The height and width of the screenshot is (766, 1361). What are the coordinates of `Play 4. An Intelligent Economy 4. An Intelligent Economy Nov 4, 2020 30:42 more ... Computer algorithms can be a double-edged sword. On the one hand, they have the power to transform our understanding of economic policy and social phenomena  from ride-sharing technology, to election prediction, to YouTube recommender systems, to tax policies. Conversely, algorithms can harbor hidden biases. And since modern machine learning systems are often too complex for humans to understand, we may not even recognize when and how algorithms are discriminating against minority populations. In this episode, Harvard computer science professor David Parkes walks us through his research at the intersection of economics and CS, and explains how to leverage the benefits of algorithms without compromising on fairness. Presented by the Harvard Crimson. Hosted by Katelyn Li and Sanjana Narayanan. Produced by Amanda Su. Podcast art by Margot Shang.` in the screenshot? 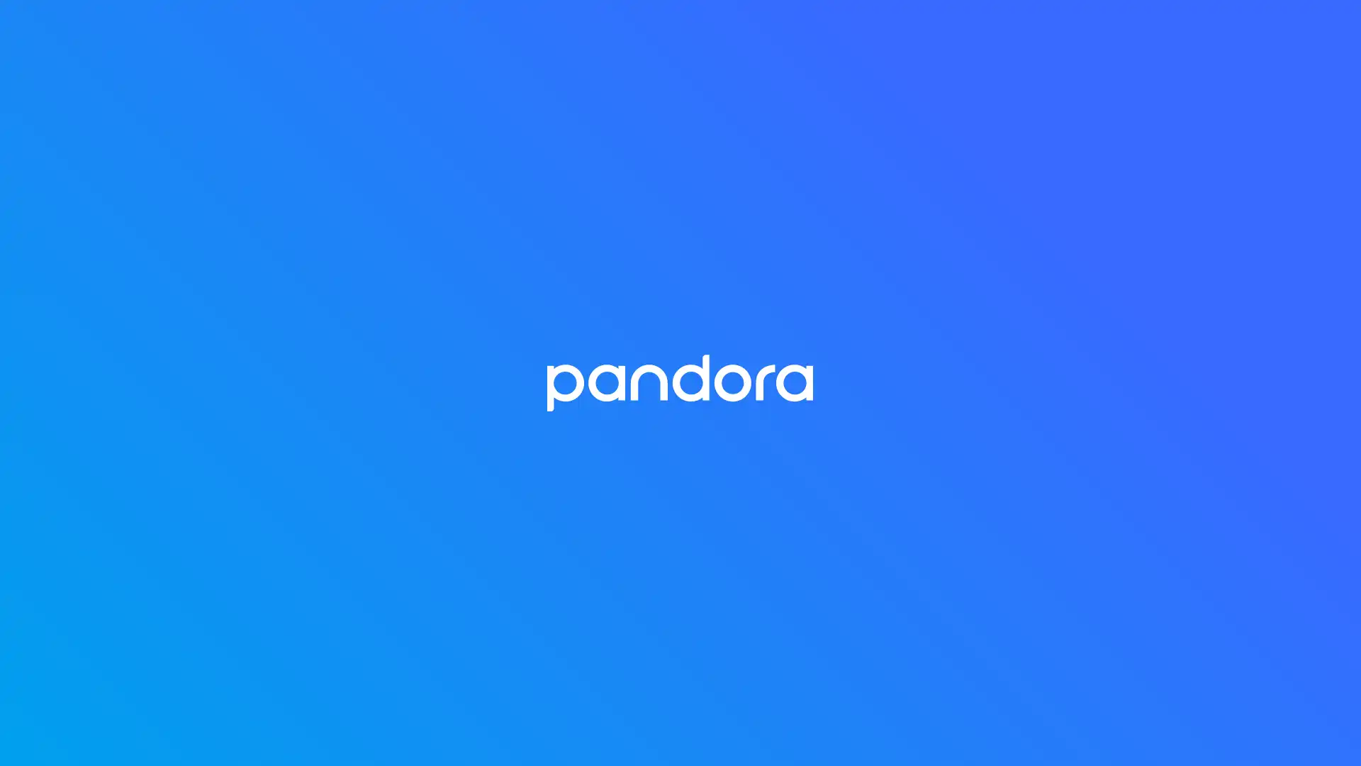 It's located at (911, 675).